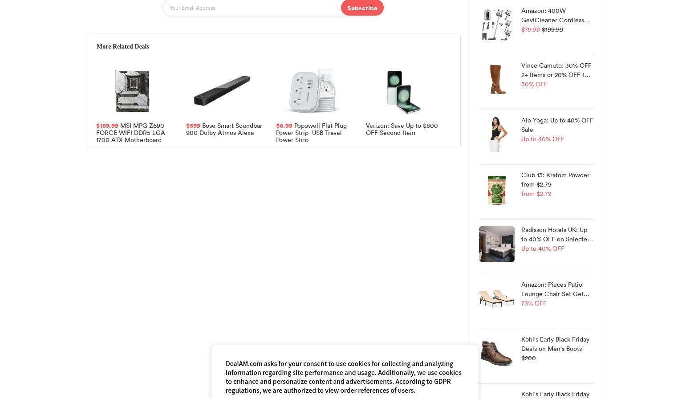 The width and height of the screenshot is (690, 399). I want to click on 'Hexcal Inc.: Only $138.00 Desk Mat Bundle', so click(312, 226).